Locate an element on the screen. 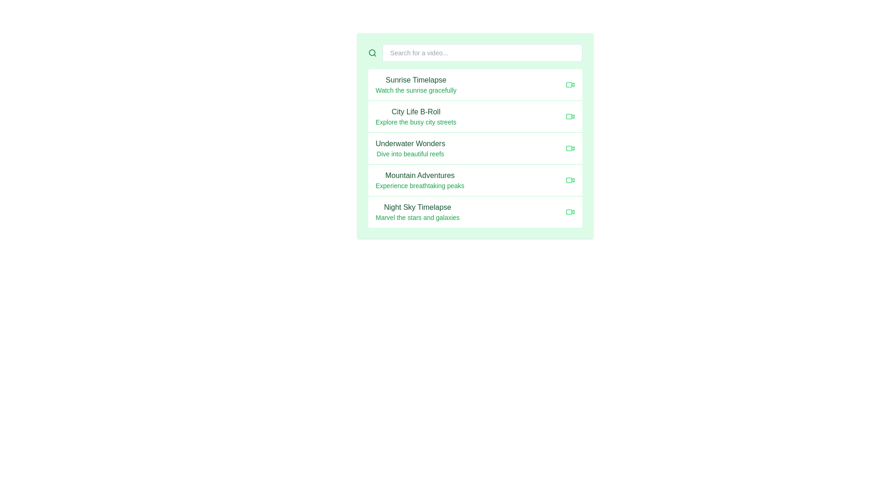 The height and width of the screenshot is (498, 886). the decorative icon located at the far-right of the row that indicates video content related to 'Mountain Adventures Experience breathtaking peaks' is located at coordinates (570, 180).